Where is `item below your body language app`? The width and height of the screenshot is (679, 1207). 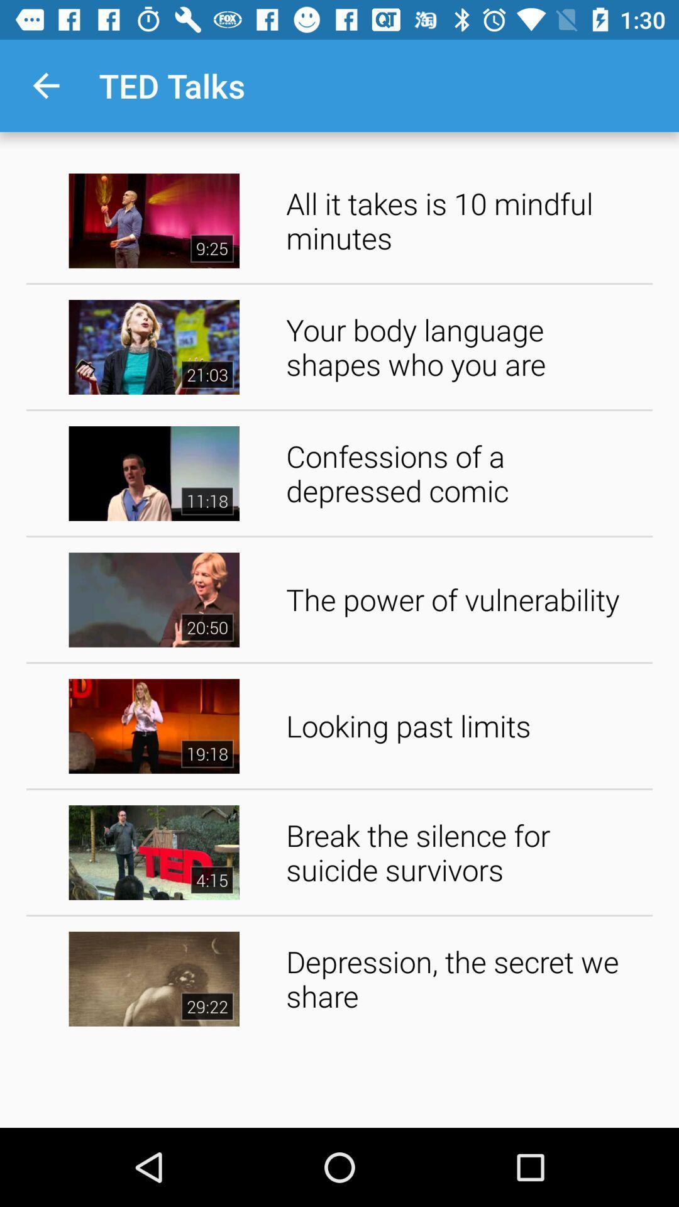 item below your body language app is located at coordinates (465, 473).